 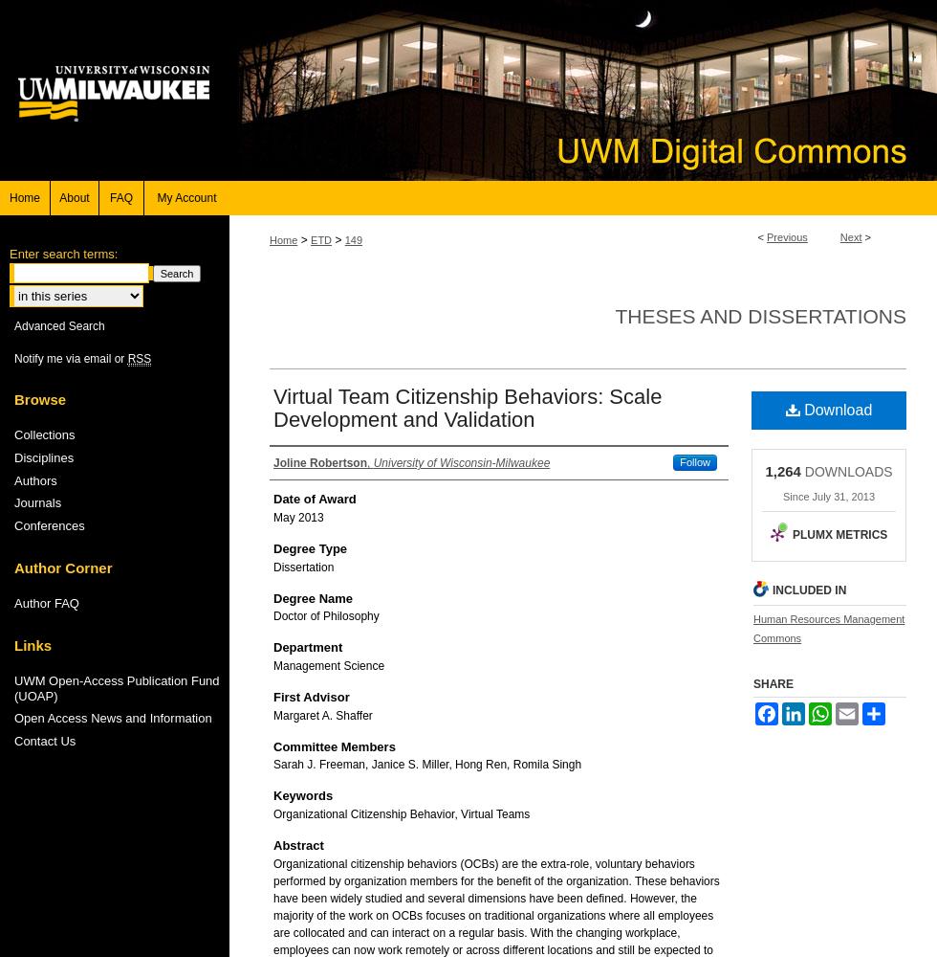 What do you see at coordinates (370, 462) in the screenshot?
I see `','` at bounding box center [370, 462].